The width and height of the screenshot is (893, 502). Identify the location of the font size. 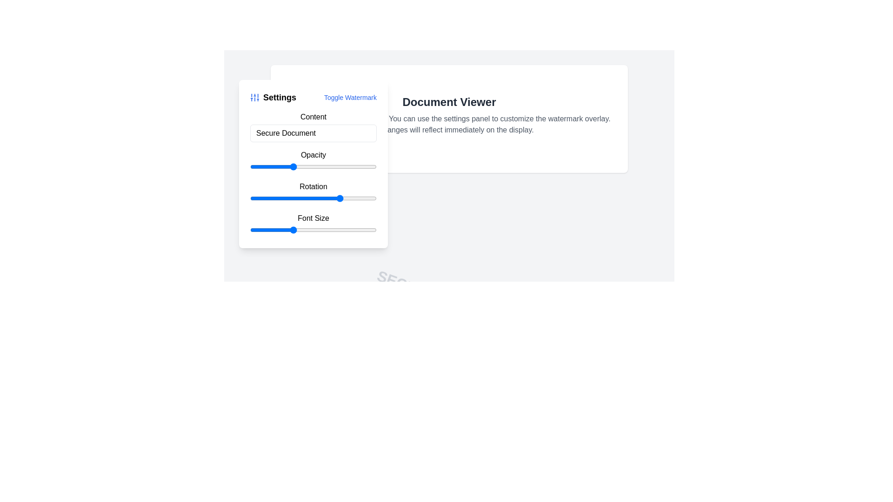
(255, 230).